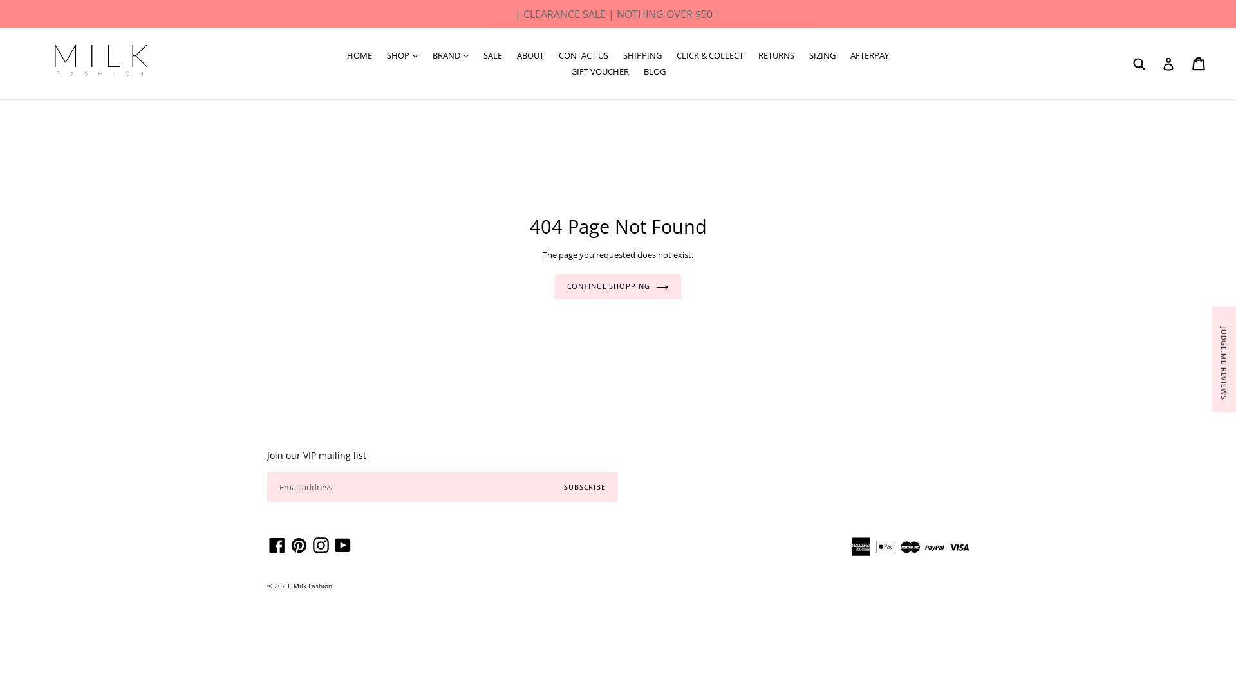 The height and width of the screenshot is (695, 1236). Describe the element at coordinates (584, 486) in the screenshot. I see `'SUBSCRIBE'` at that location.